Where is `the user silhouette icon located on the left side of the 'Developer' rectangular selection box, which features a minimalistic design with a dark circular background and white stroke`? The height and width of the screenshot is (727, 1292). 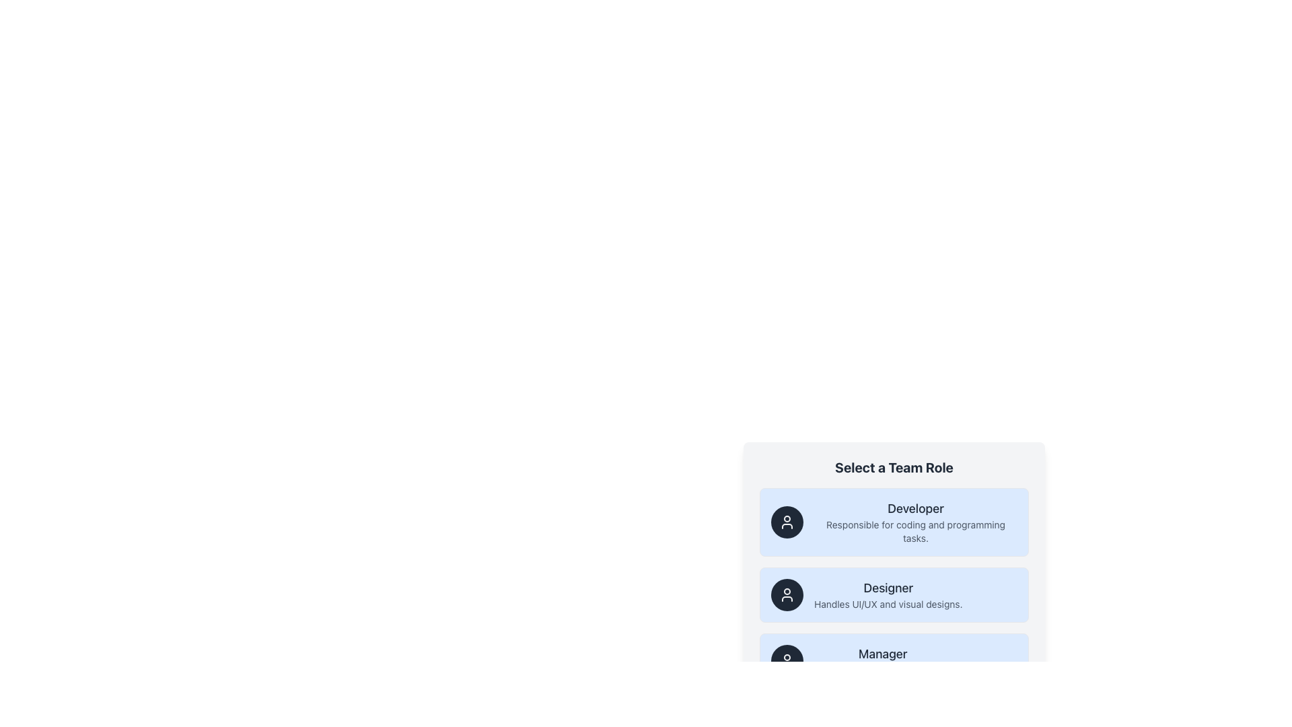 the user silhouette icon located on the left side of the 'Developer' rectangular selection box, which features a minimalistic design with a dark circular background and white stroke is located at coordinates (787, 521).